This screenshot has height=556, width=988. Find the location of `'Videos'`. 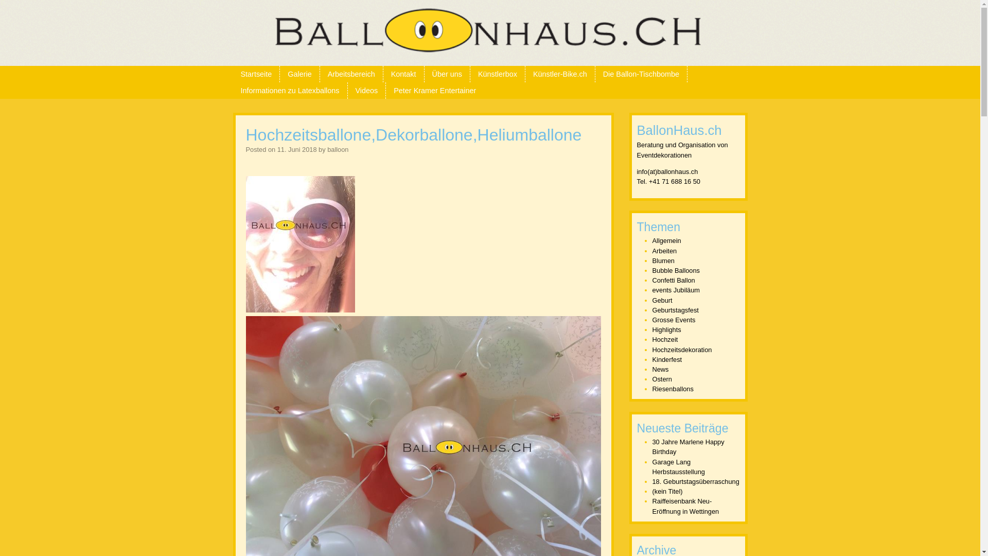

'Videos' is located at coordinates (348, 90).